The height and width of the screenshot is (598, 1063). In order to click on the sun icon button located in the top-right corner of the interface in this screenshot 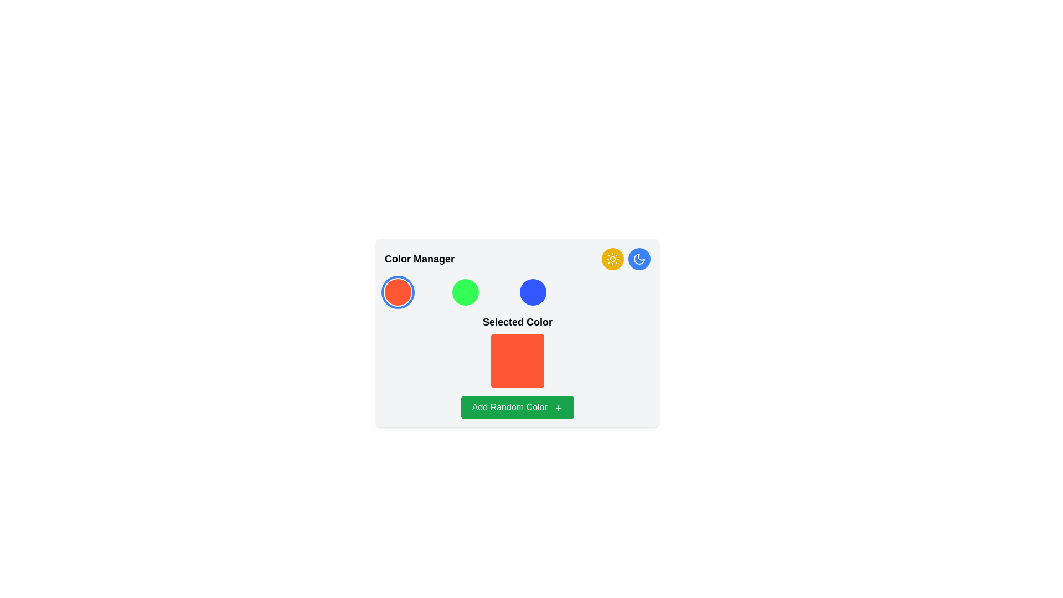, I will do `click(612, 259)`.